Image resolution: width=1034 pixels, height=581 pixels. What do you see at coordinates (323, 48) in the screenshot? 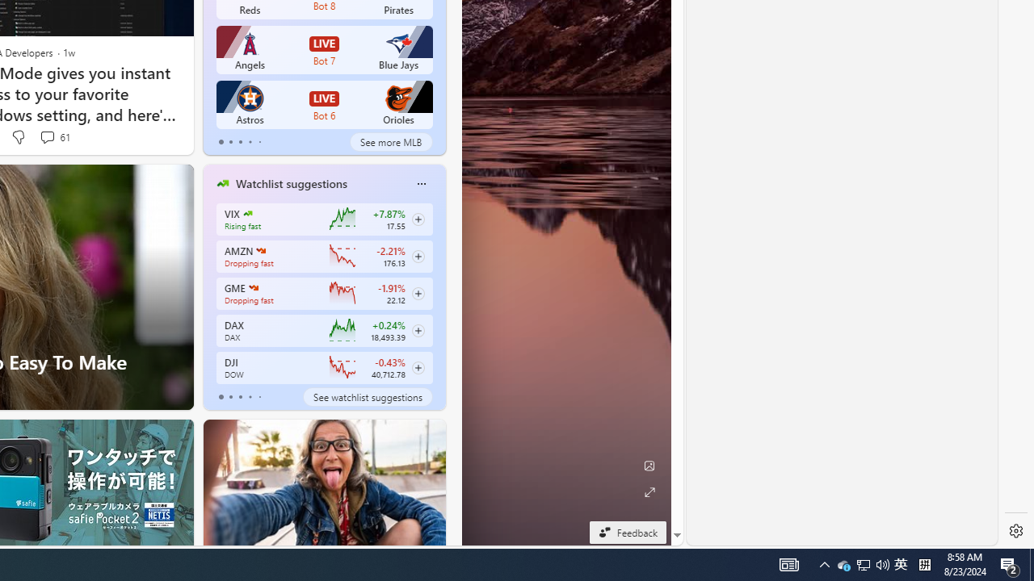
I see `'Angels LIVE Bot 7 Blue Jays'` at bounding box center [323, 48].